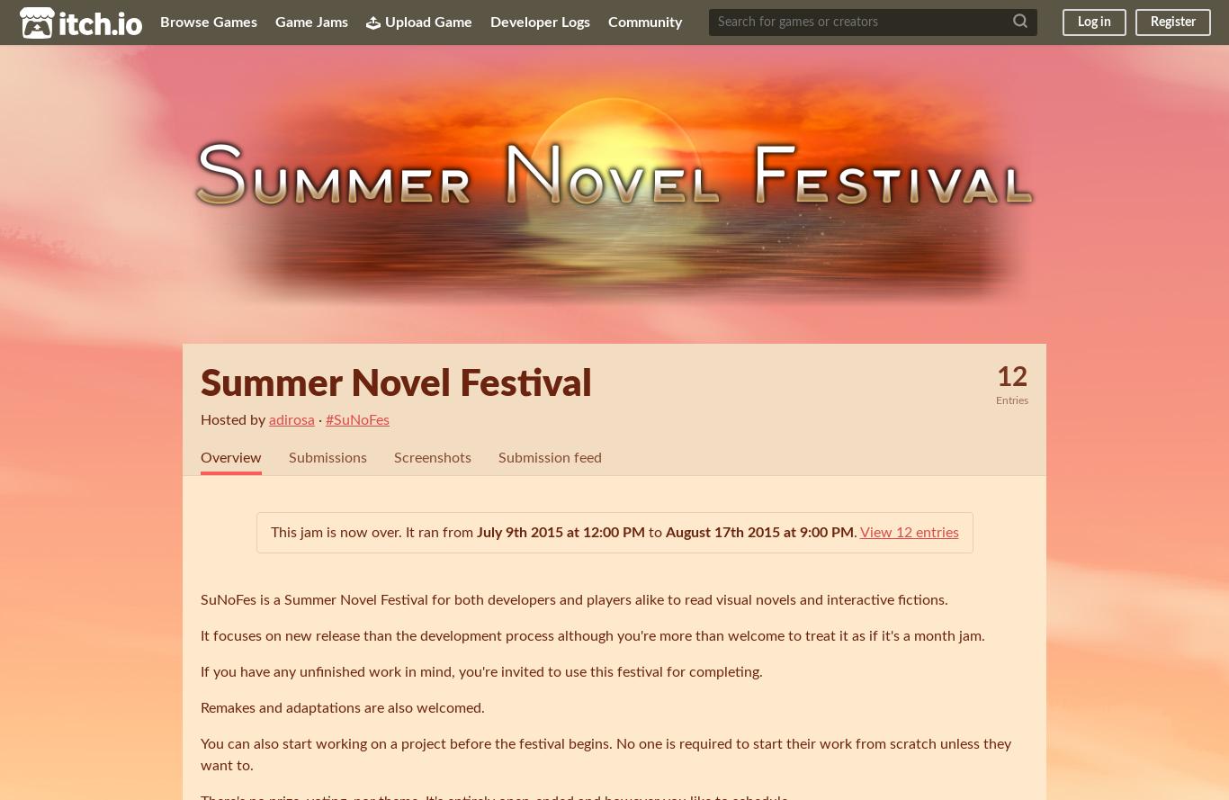 This screenshot has width=1229, height=800. I want to click on 'Community', so click(645, 22).